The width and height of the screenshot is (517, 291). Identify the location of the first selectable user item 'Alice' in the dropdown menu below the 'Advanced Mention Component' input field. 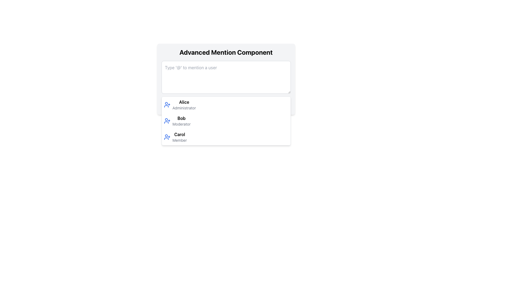
(226, 105).